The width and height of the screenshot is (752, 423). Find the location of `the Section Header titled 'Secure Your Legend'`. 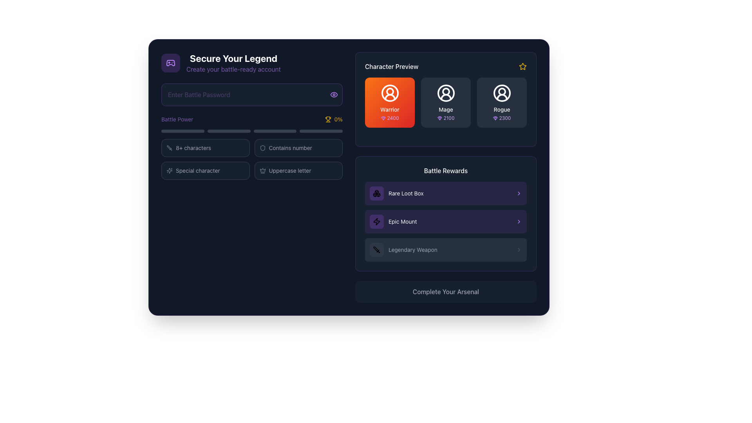

the Section Header titled 'Secure Your Legend' is located at coordinates (252, 63).